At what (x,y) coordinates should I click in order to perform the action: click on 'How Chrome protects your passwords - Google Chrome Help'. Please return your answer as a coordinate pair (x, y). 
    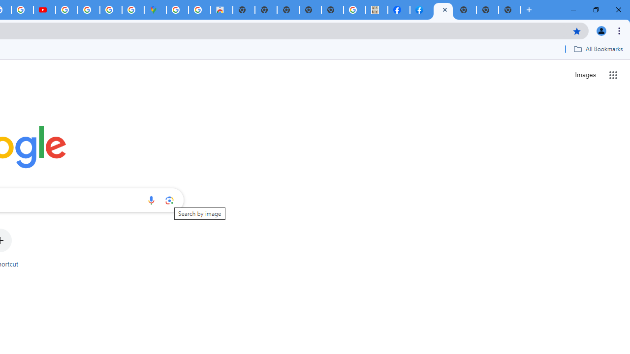
    Looking at the image, I should click on (66, 10).